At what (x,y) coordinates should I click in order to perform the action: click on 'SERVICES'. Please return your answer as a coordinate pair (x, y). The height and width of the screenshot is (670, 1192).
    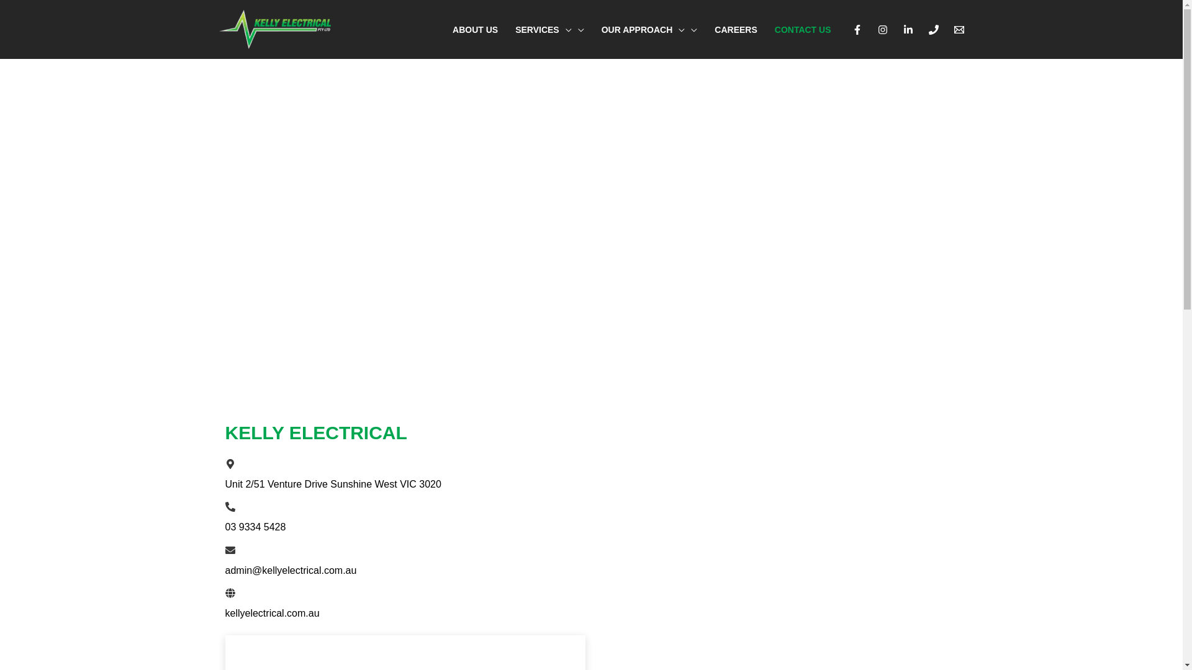
    Looking at the image, I should click on (549, 29).